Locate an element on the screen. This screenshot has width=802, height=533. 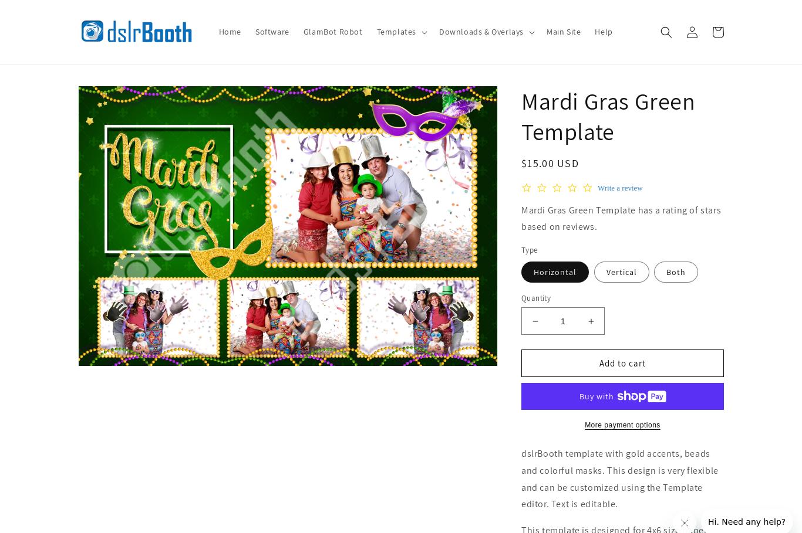
'Add to cart' is located at coordinates (622, 362).